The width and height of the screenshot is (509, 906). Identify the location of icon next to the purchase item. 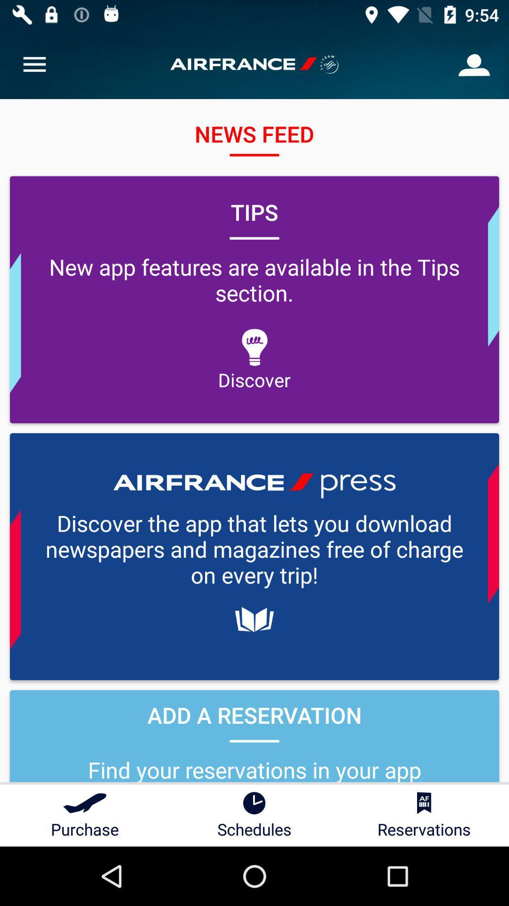
(254, 815).